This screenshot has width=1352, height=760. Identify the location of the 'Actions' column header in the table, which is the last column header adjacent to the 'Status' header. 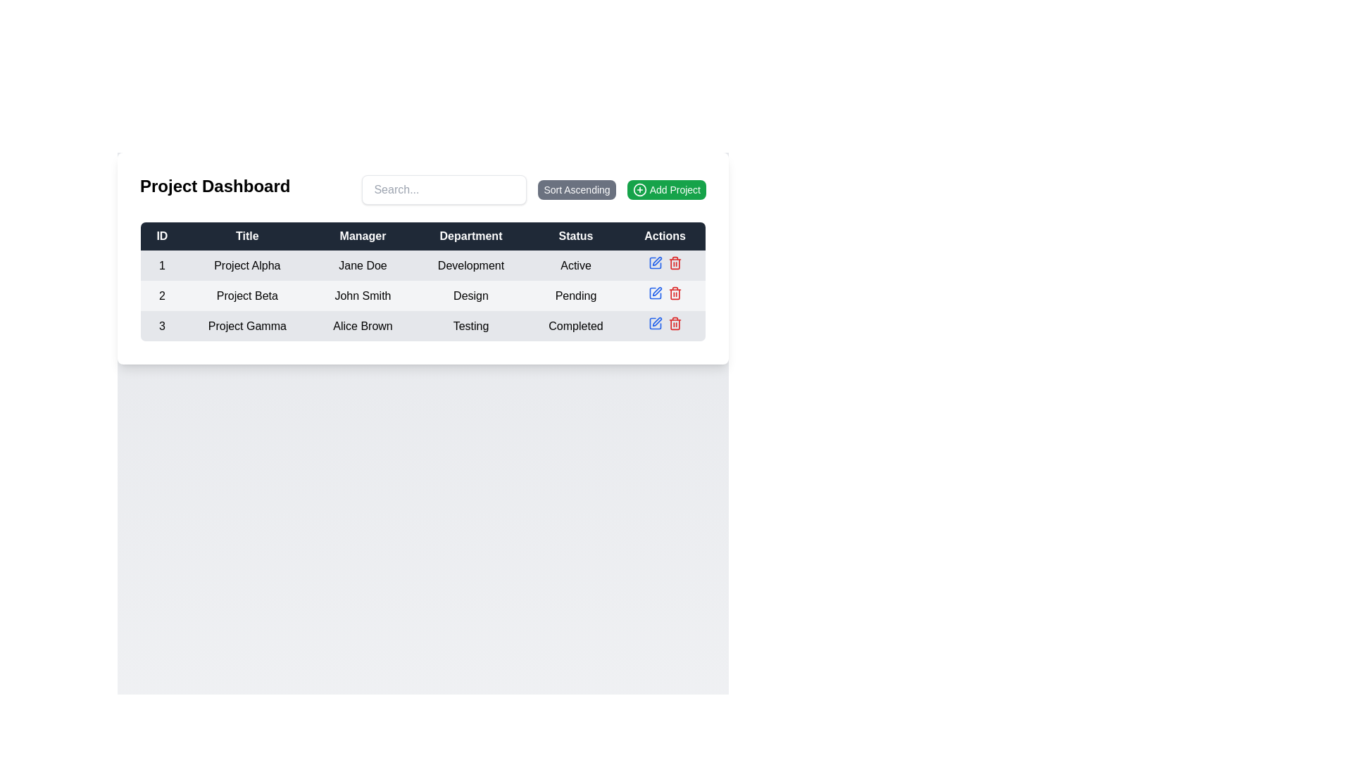
(664, 235).